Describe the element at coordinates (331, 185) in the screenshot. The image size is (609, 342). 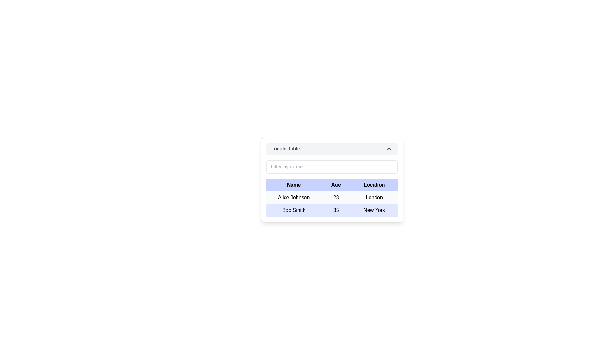
I see `the table header row containing the headers 'Name', 'Age', and 'Location', which is styled with a lavender background and black text` at that location.